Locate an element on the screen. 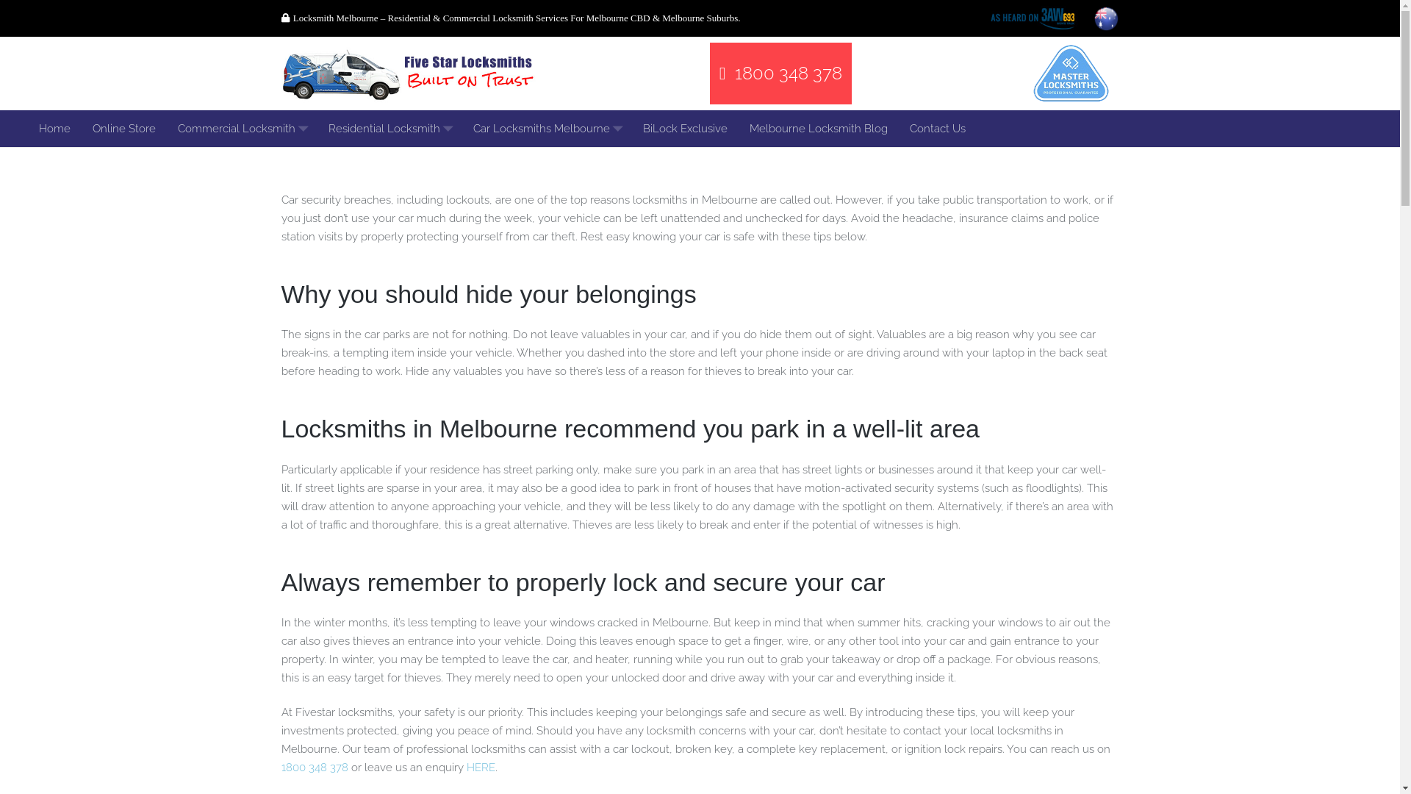 This screenshot has height=794, width=1411. 'Residential Locksmith' is located at coordinates (389, 127).